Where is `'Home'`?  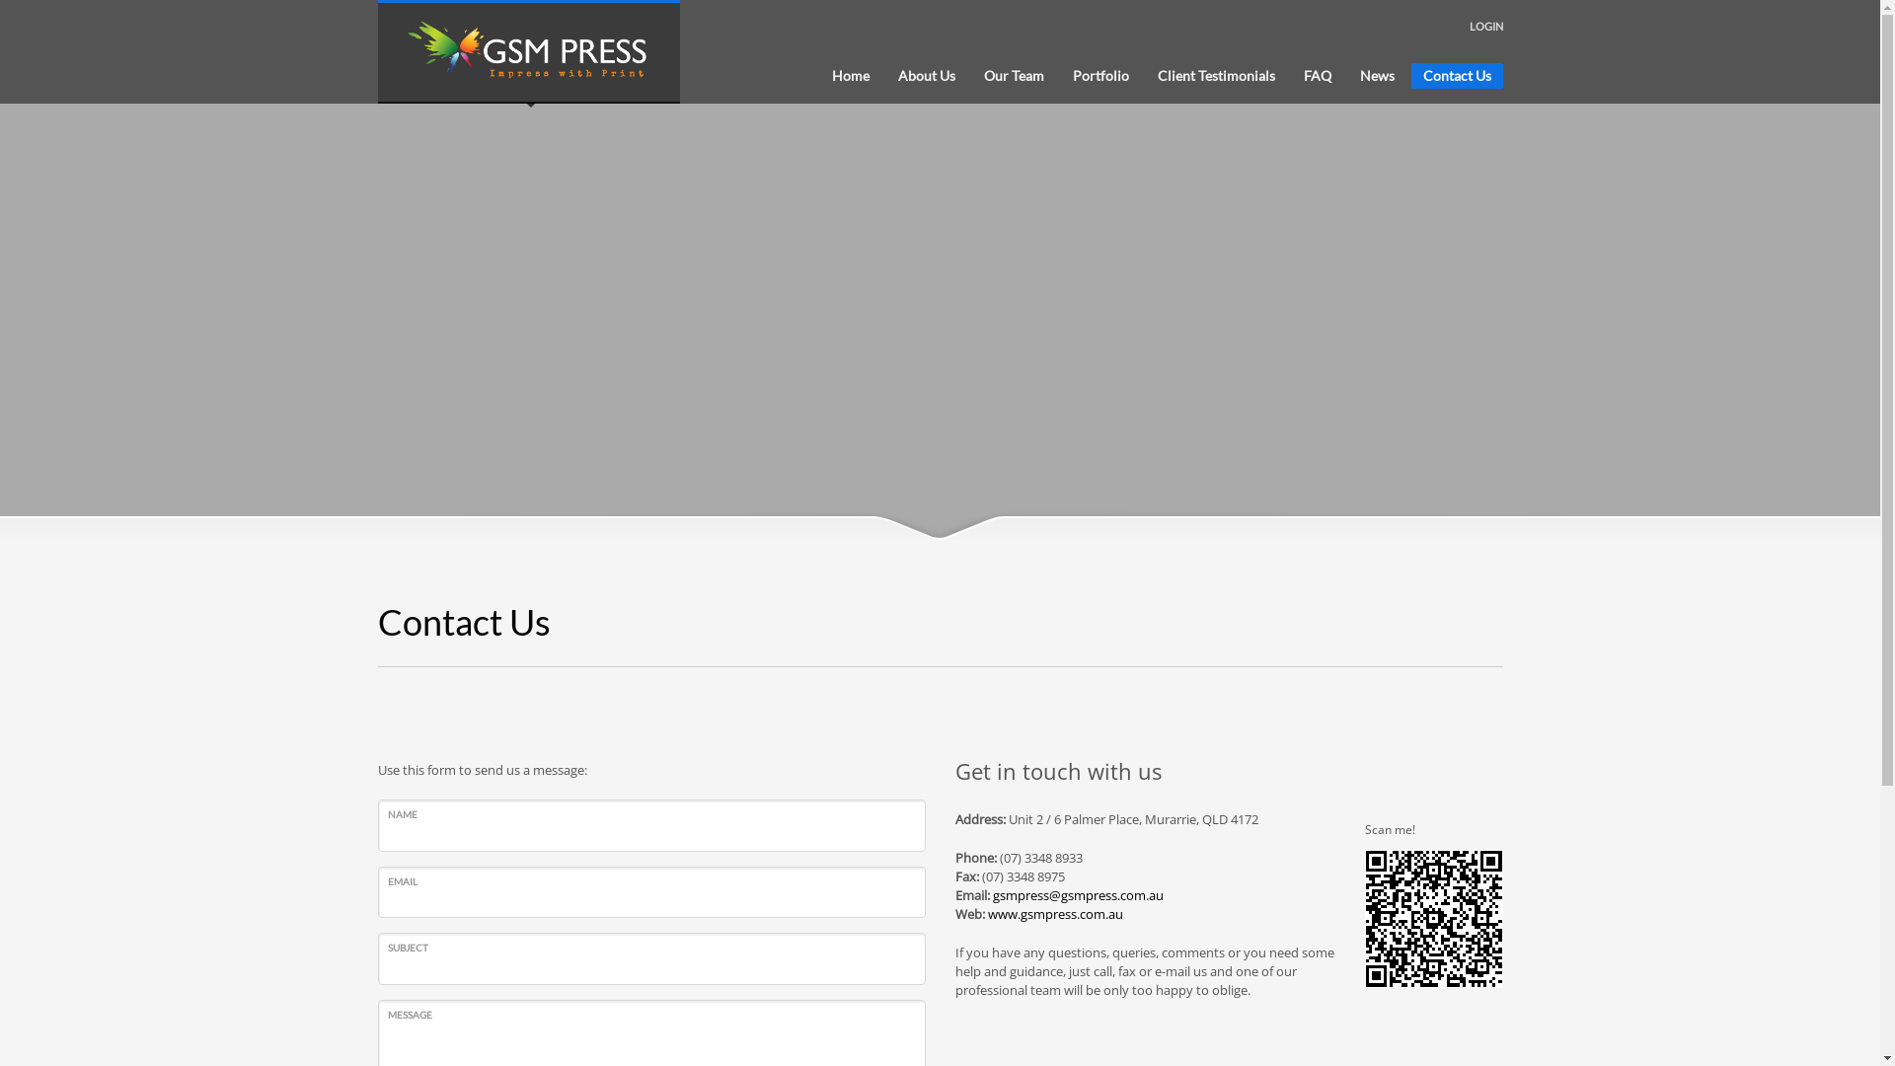
'Home' is located at coordinates (849, 75).